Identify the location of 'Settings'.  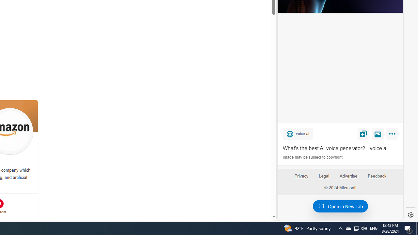
(410, 215).